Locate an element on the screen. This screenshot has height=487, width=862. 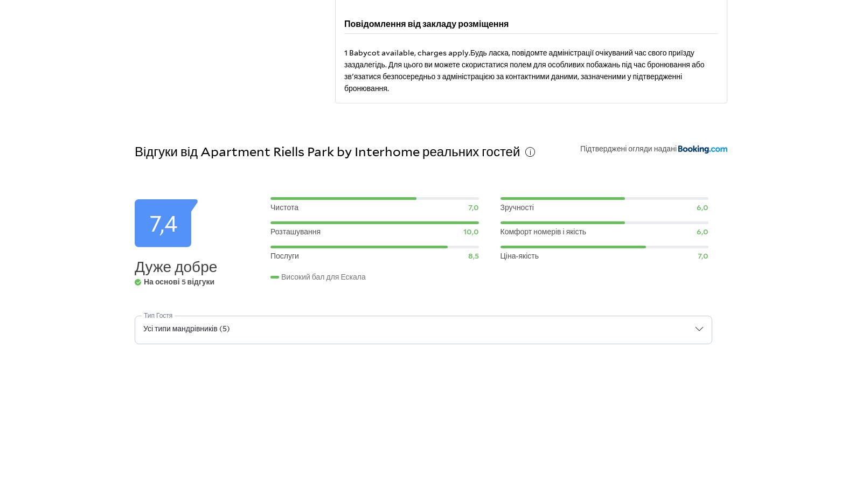
'1 Babycot available, charges apply.Будь ласка, повідомте адміністрації  очікуваний час свого приїзду заздалегідь. Для цього ви можете скористатися полем для особливих побажань під час бронювання або зв'язатися безпосередньо з адміністрацією за контактними даними, зазначеними у підтвердженні бронювання.' is located at coordinates (523, 69).